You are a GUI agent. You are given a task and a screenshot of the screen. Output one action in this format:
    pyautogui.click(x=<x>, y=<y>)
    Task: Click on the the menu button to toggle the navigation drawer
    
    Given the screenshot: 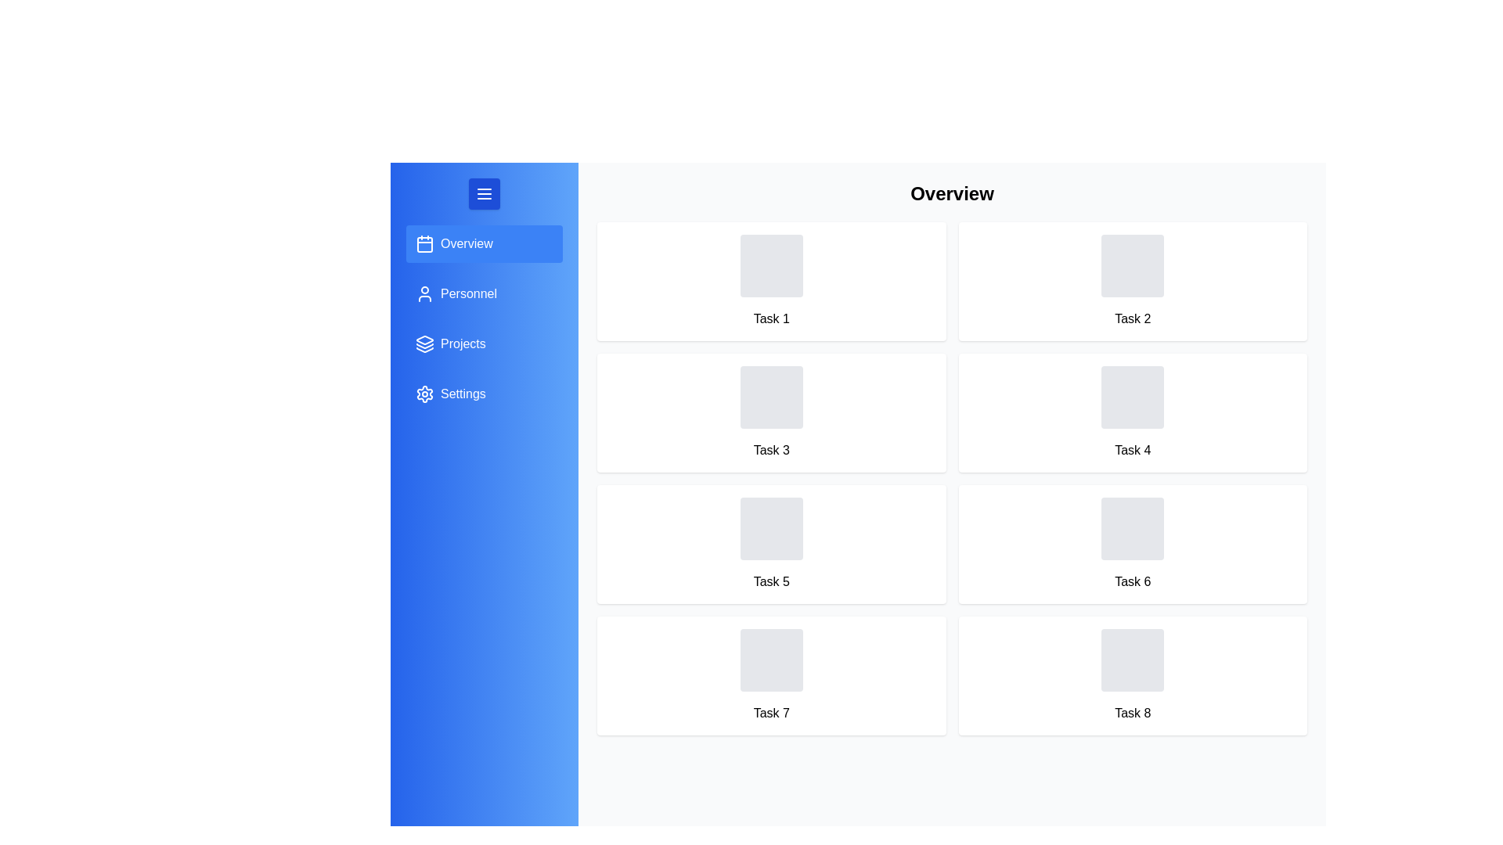 What is the action you would take?
    pyautogui.click(x=484, y=192)
    